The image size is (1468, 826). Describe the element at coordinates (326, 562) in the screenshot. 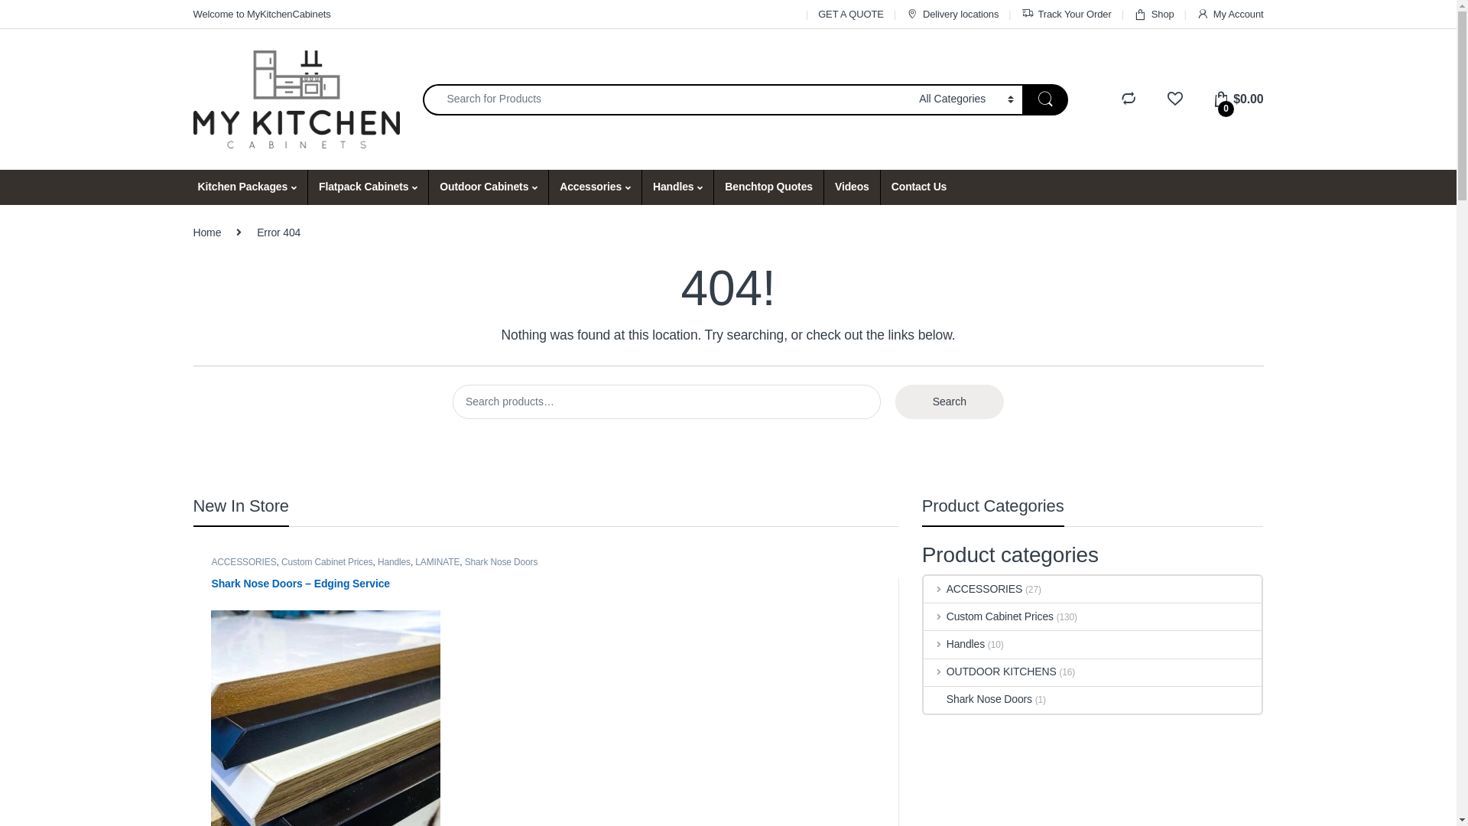

I see `'Custom Cabinet Prices'` at that location.